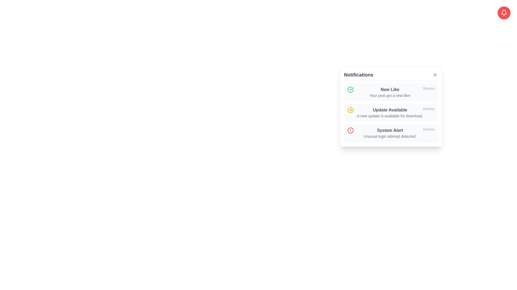 This screenshot has width=517, height=290. I want to click on the small, diagonal cross-shaped icon styled with thin gray lines in the upper-right corner of the notification panel, so click(435, 75).